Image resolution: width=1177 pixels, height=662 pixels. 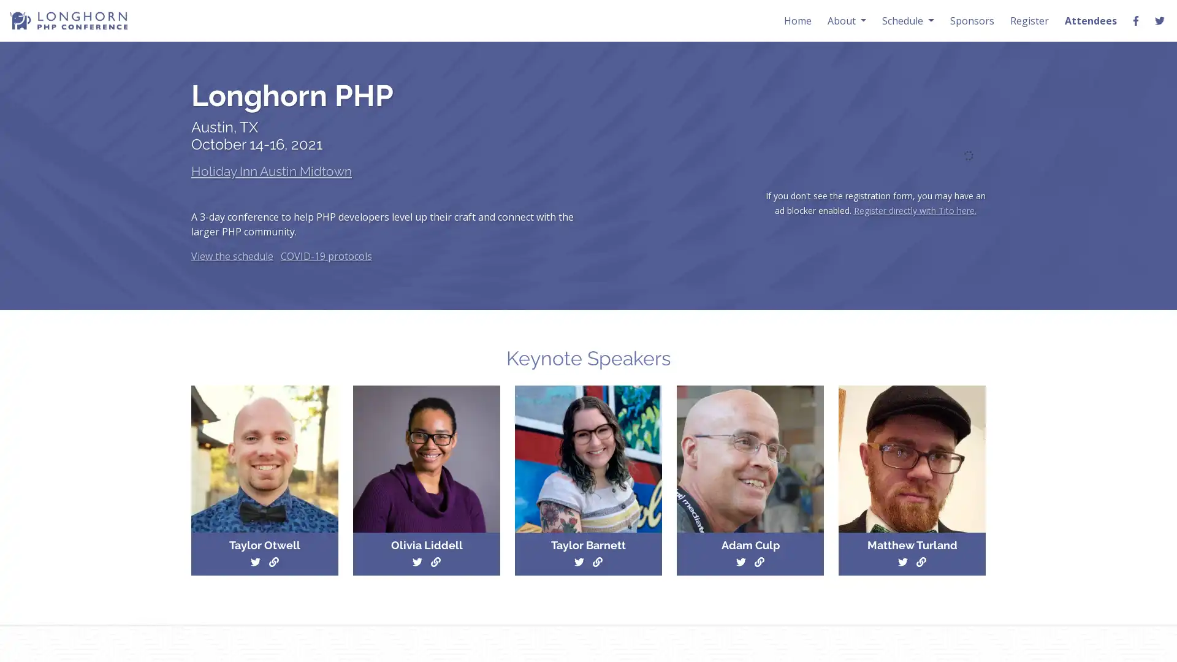 What do you see at coordinates (908, 20) in the screenshot?
I see `Schedule` at bounding box center [908, 20].